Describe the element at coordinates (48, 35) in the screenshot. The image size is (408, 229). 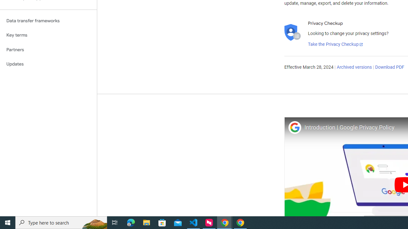
I see `'Key terms'` at that location.